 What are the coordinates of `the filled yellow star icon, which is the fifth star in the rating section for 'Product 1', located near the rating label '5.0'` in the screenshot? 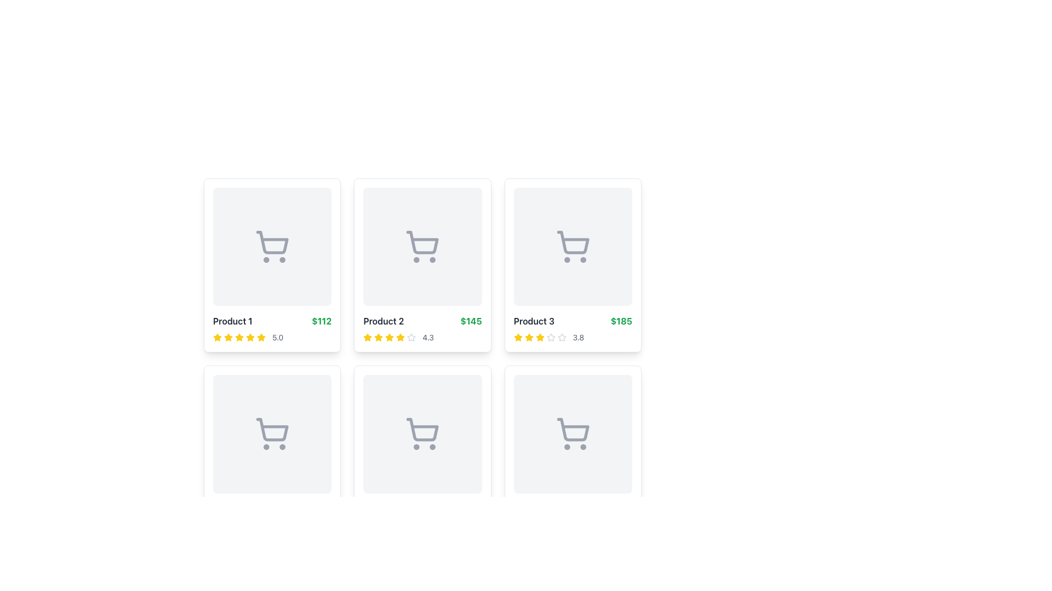 It's located at (238, 337).